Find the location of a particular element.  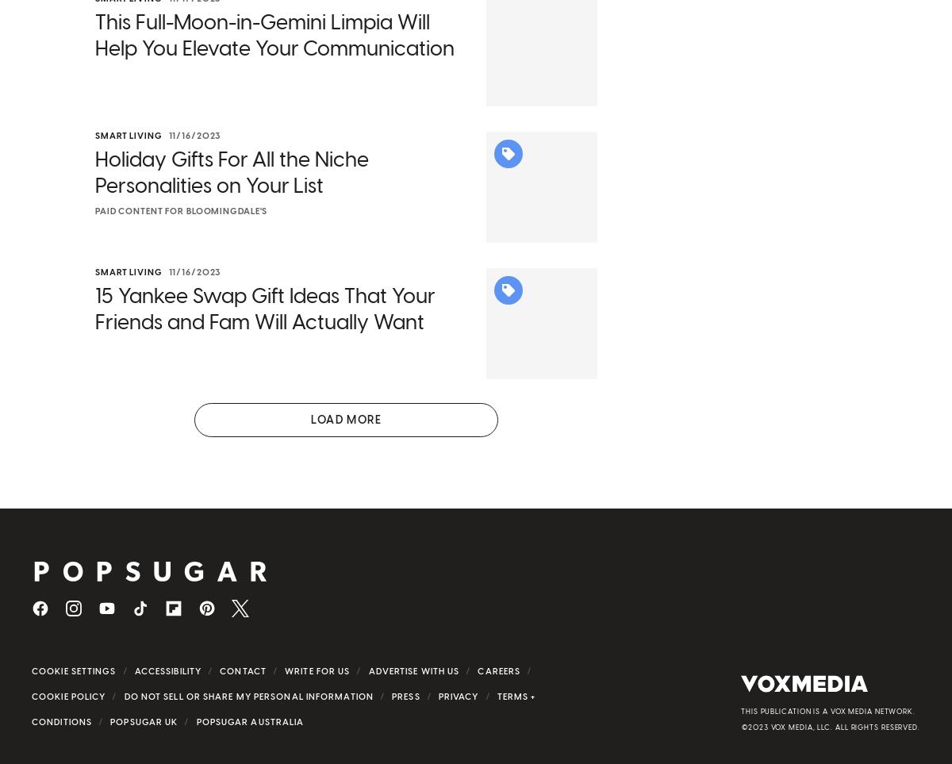

'This Full-Moon-in-Gemini Limpia Will Help You Elevate Your Communication' is located at coordinates (274, 56).